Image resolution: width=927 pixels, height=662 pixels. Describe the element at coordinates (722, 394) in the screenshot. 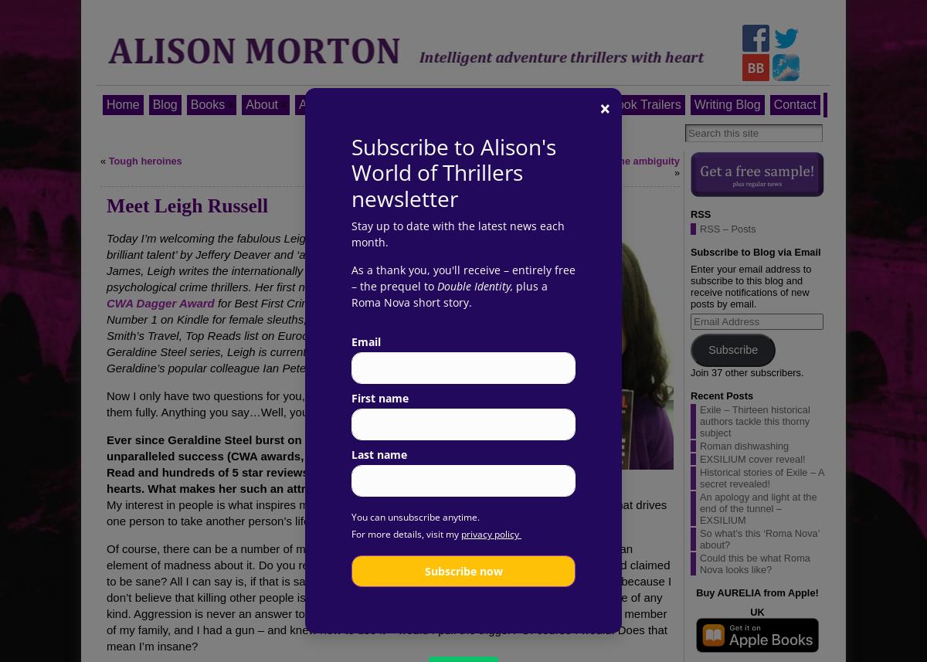

I see `'Recent Posts'` at that location.